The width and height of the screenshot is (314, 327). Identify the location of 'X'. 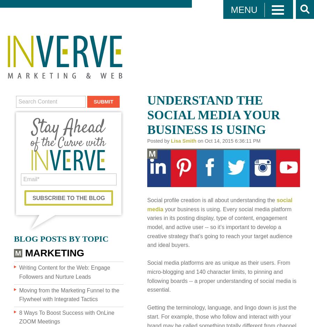
(232, 55).